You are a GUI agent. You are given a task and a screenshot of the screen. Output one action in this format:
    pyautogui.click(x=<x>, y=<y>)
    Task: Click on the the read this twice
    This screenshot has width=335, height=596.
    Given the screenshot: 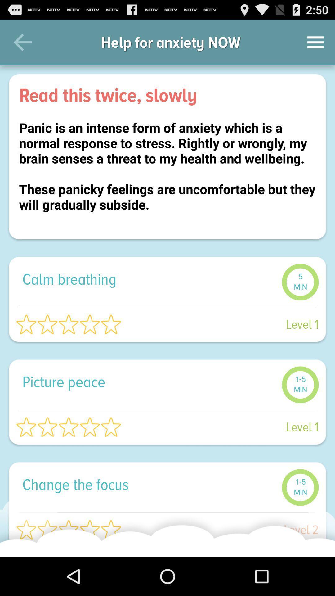 What is the action you would take?
    pyautogui.click(x=167, y=95)
    